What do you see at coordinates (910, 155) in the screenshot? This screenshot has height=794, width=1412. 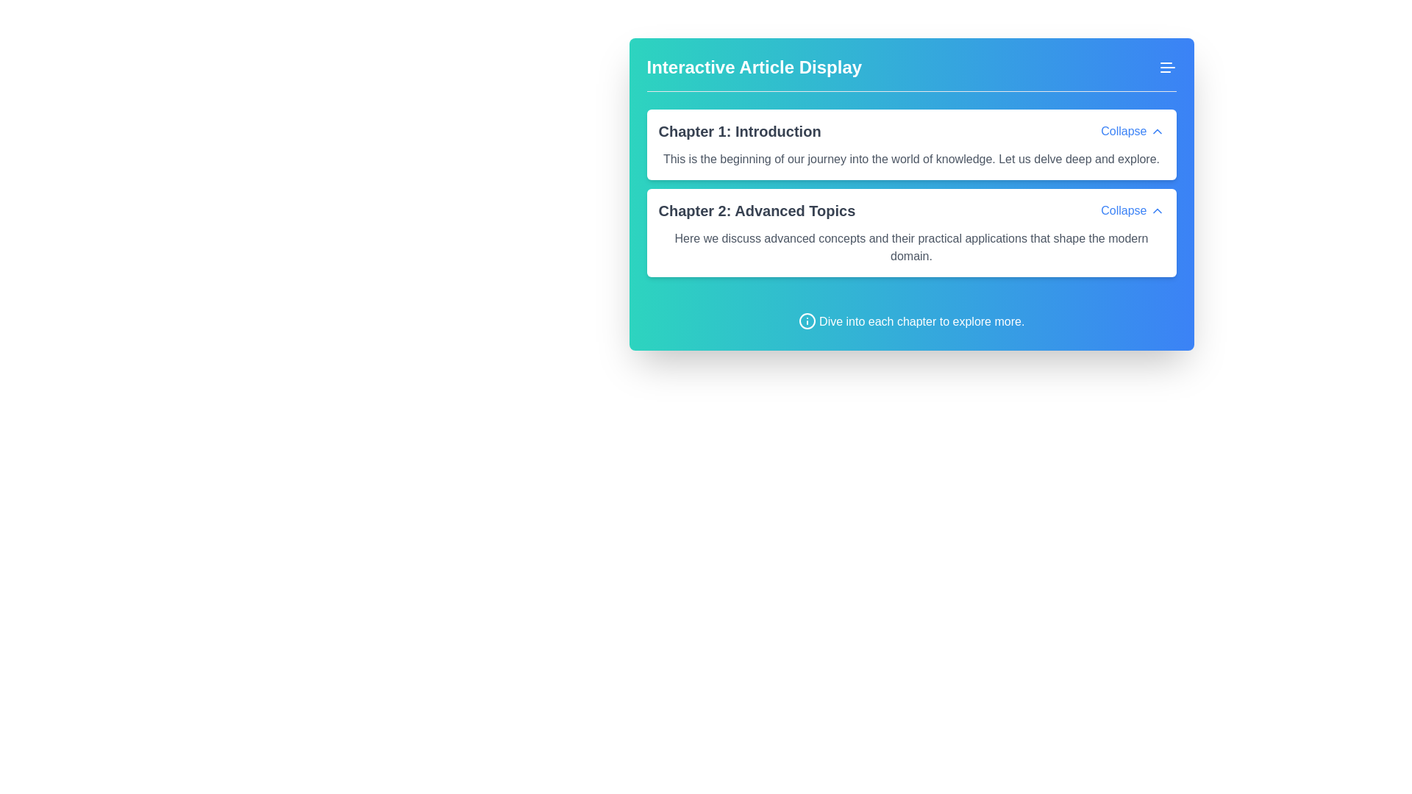 I see `the descriptive text block located in the first collapsible section beneath the heading 'Chapter 1: Introduction'` at bounding box center [910, 155].